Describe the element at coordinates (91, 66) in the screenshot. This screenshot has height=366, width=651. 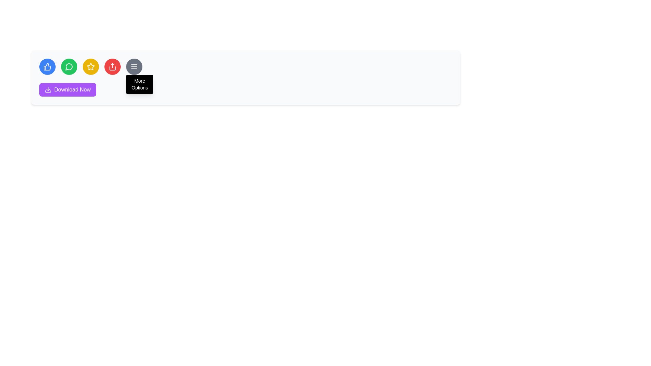
I see `the fourth circular Icon button located in the center-top area of the interface` at that location.